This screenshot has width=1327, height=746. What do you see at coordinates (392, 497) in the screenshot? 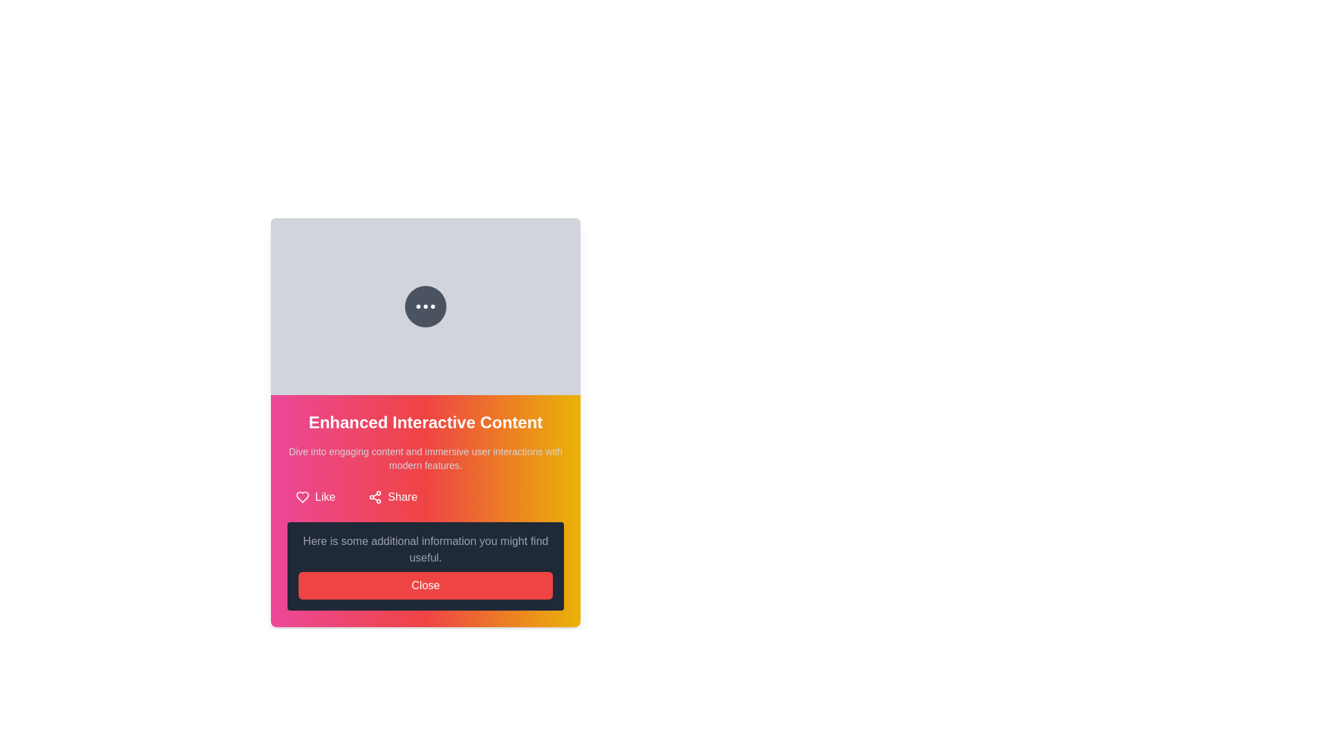
I see `the 'Share' button, which is the second button in a horizontal group, located directly to the right of the 'Like' button` at bounding box center [392, 497].